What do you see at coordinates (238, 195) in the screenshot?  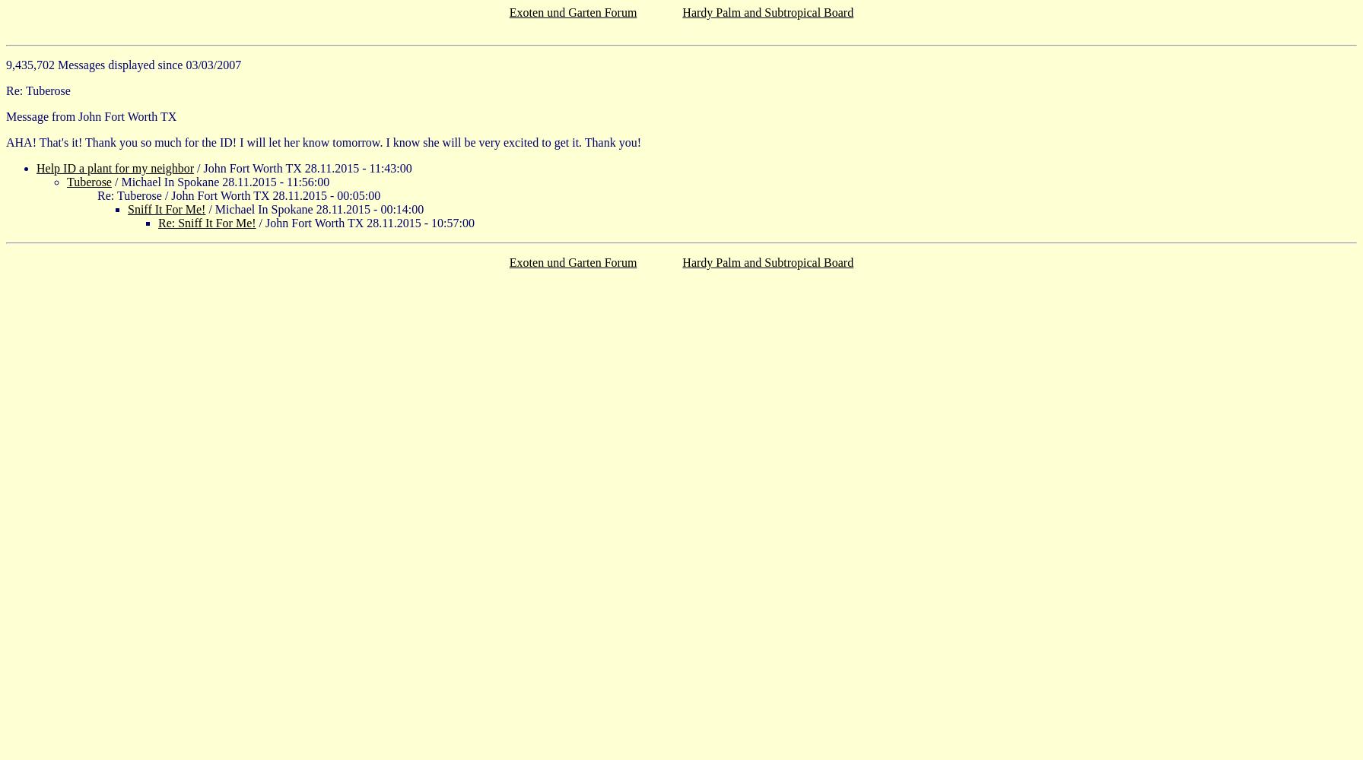 I see `'Re: Tuberose / John Fort Worth TX 28.11.2015 - 00:05:00'` at bounding box center [238, 195].